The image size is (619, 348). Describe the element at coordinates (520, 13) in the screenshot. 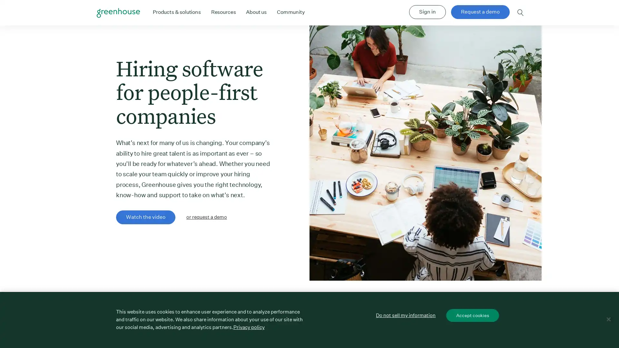

I see `Toggle search form` at that location.